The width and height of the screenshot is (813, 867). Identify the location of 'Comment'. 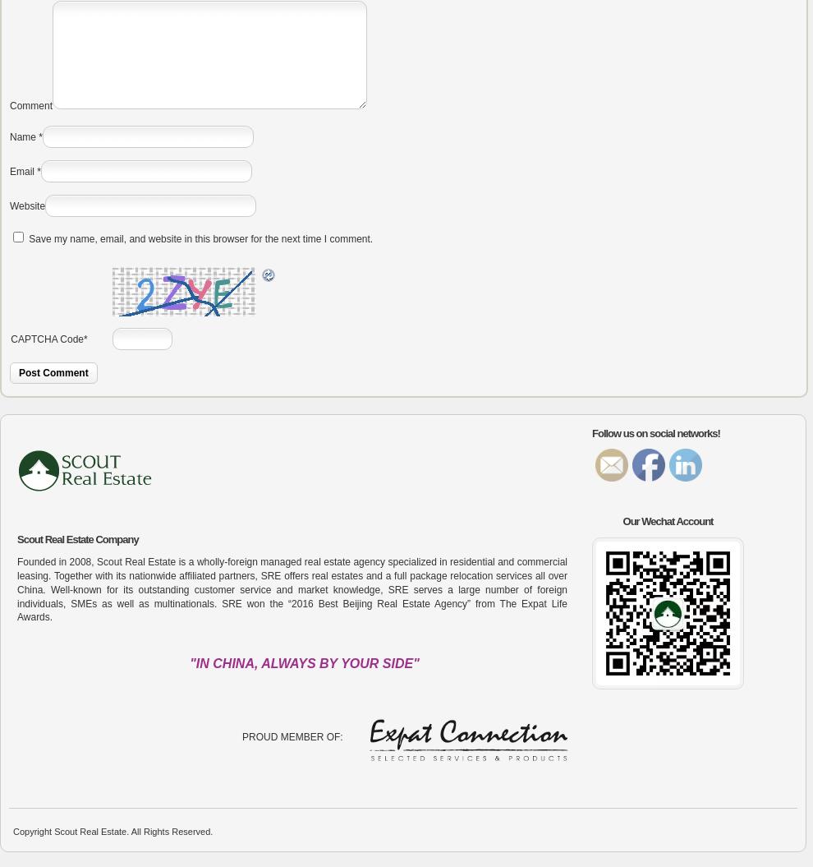
(8, 106).